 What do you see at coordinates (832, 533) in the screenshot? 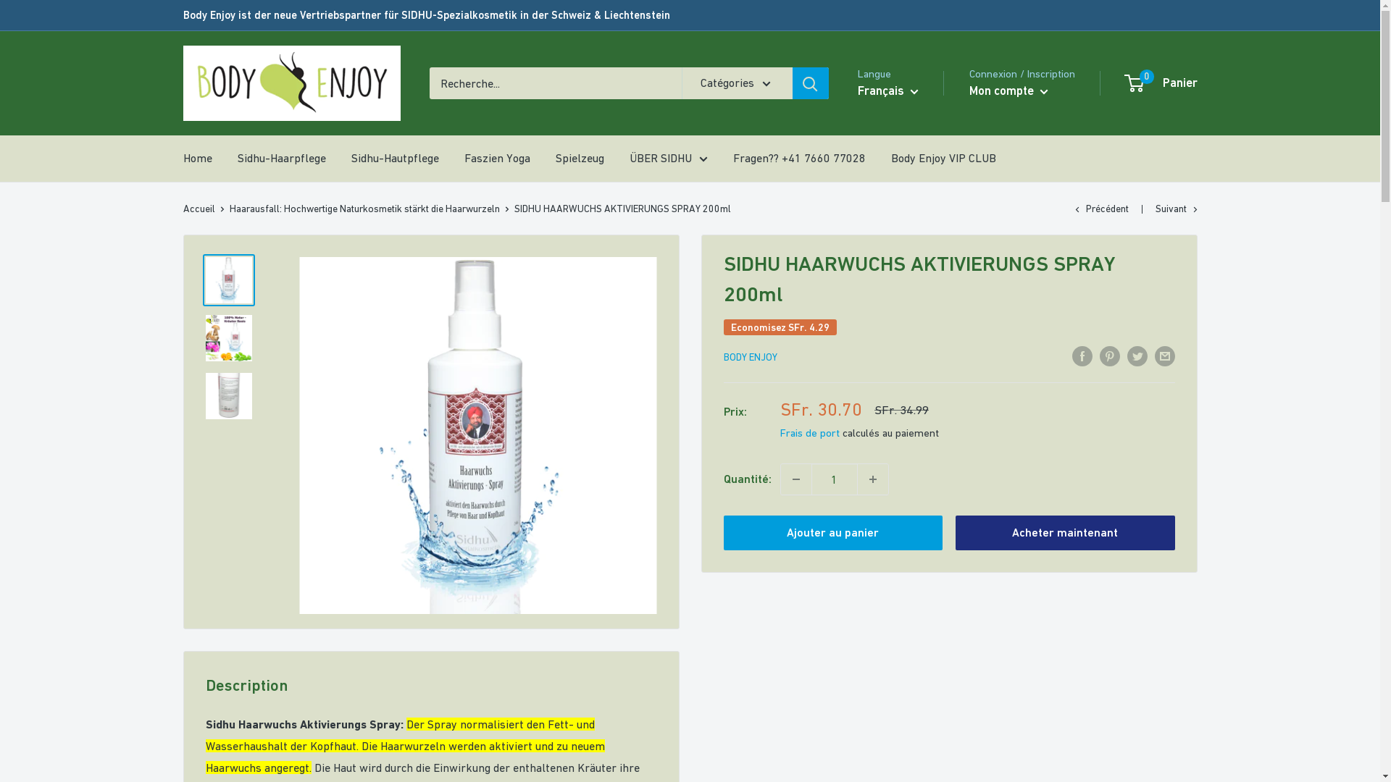
I see `'Ajouter au panier'` at bounding box center [832, 533].